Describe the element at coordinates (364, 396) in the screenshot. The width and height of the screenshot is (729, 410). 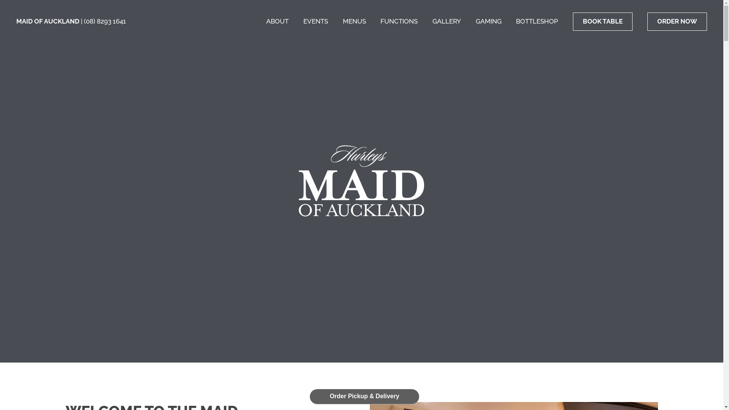
I see `'Order Pickup & Delivery'` at that location.